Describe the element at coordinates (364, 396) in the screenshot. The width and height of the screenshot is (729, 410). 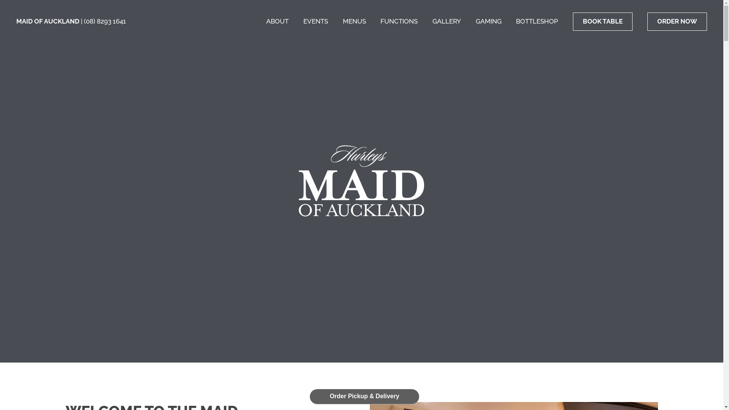
I see `'Order Pickup & Delivery'` at that location.